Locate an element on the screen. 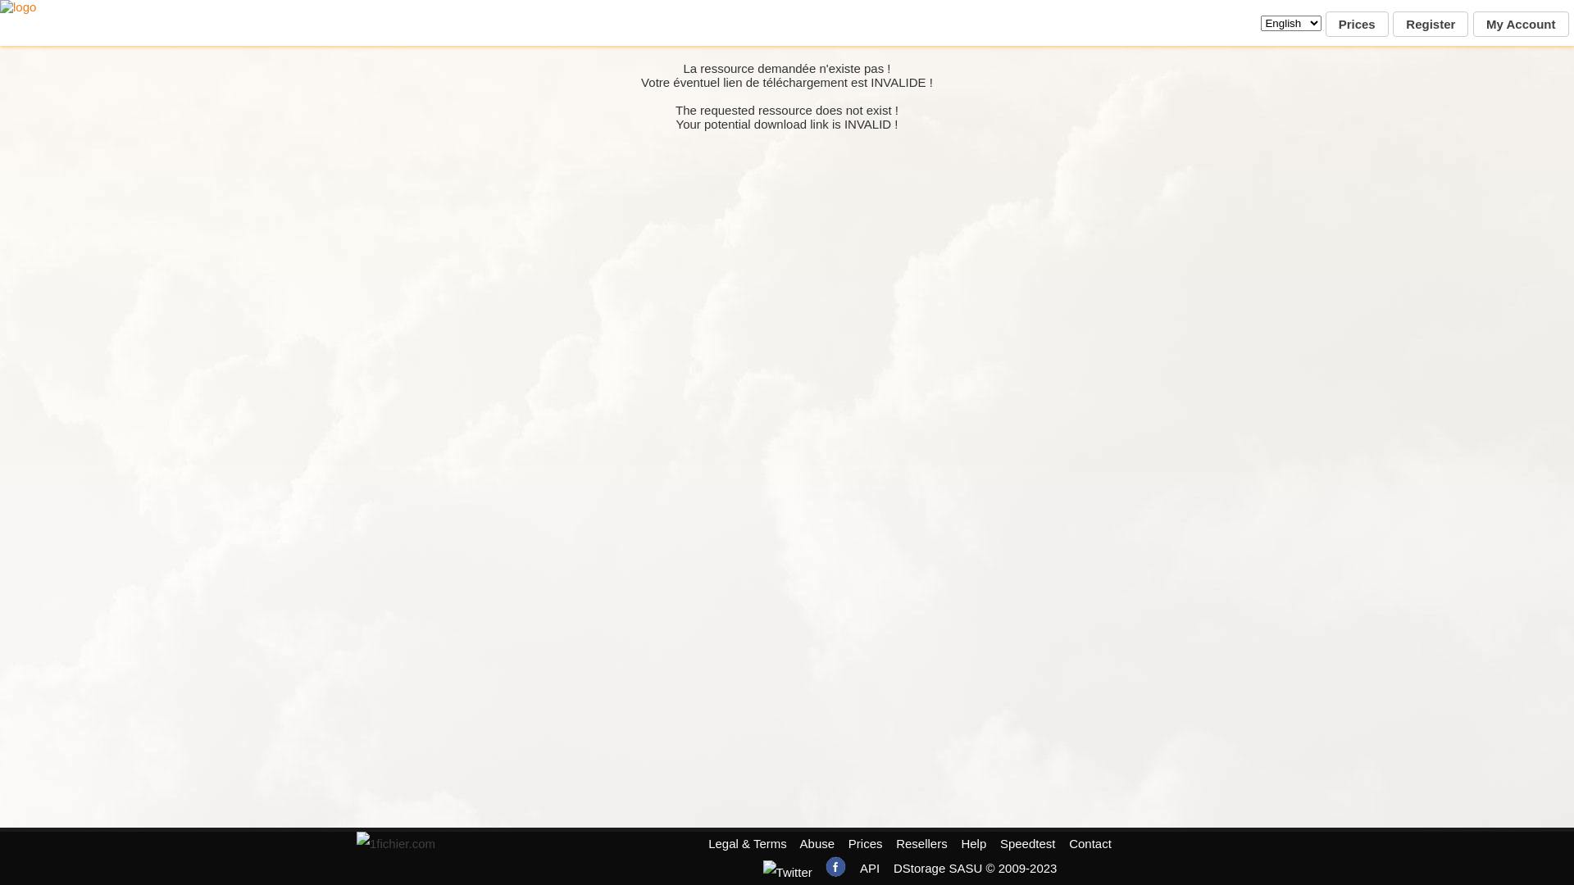 The width and height of the screenshot is (1574, 885). 'Register' is located at coordinates (1392, 24).